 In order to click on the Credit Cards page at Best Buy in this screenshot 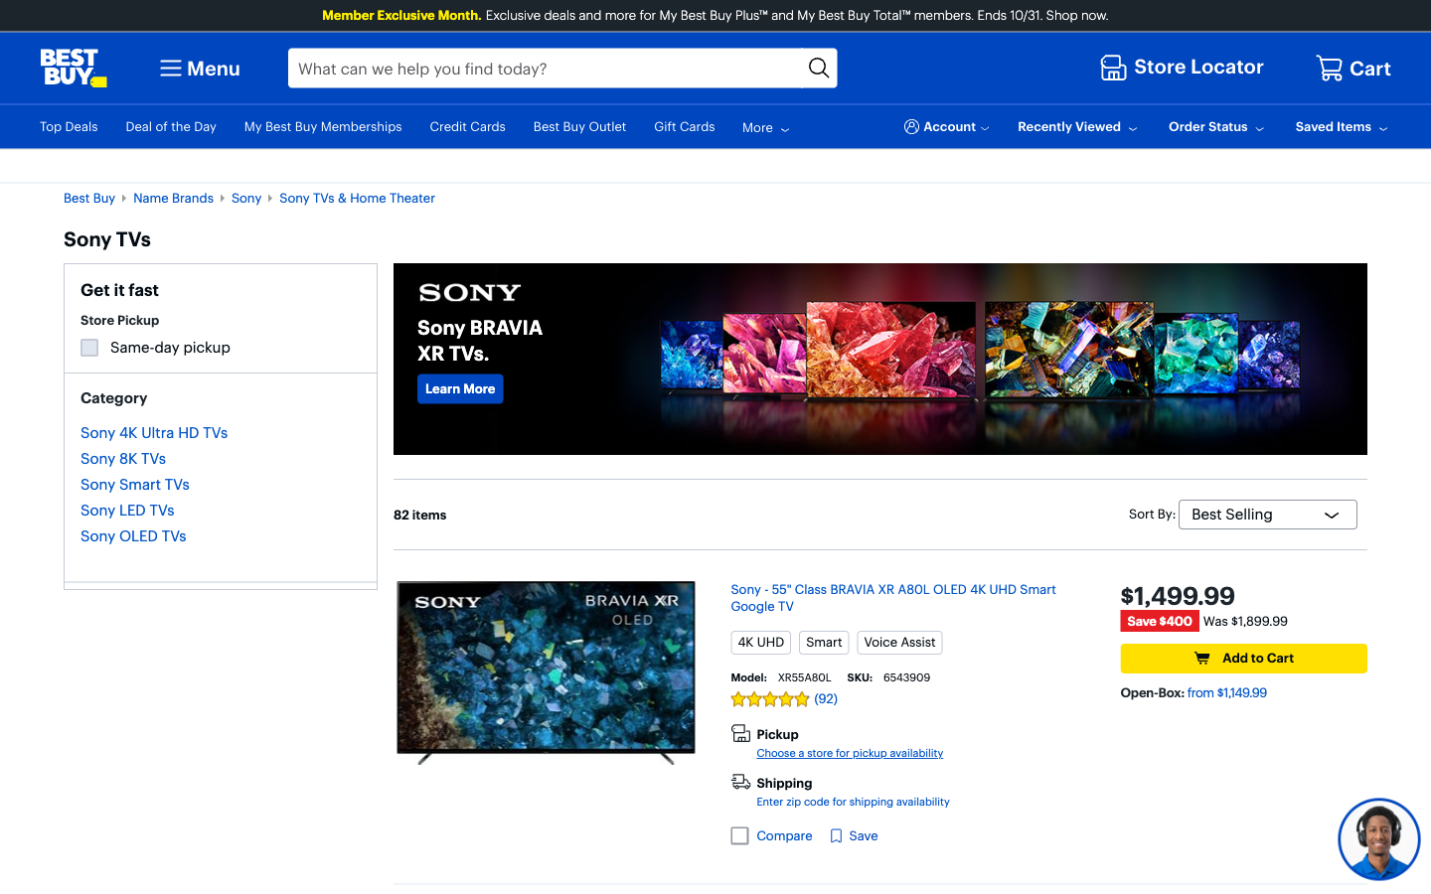, I will do `click(460, 387)`.